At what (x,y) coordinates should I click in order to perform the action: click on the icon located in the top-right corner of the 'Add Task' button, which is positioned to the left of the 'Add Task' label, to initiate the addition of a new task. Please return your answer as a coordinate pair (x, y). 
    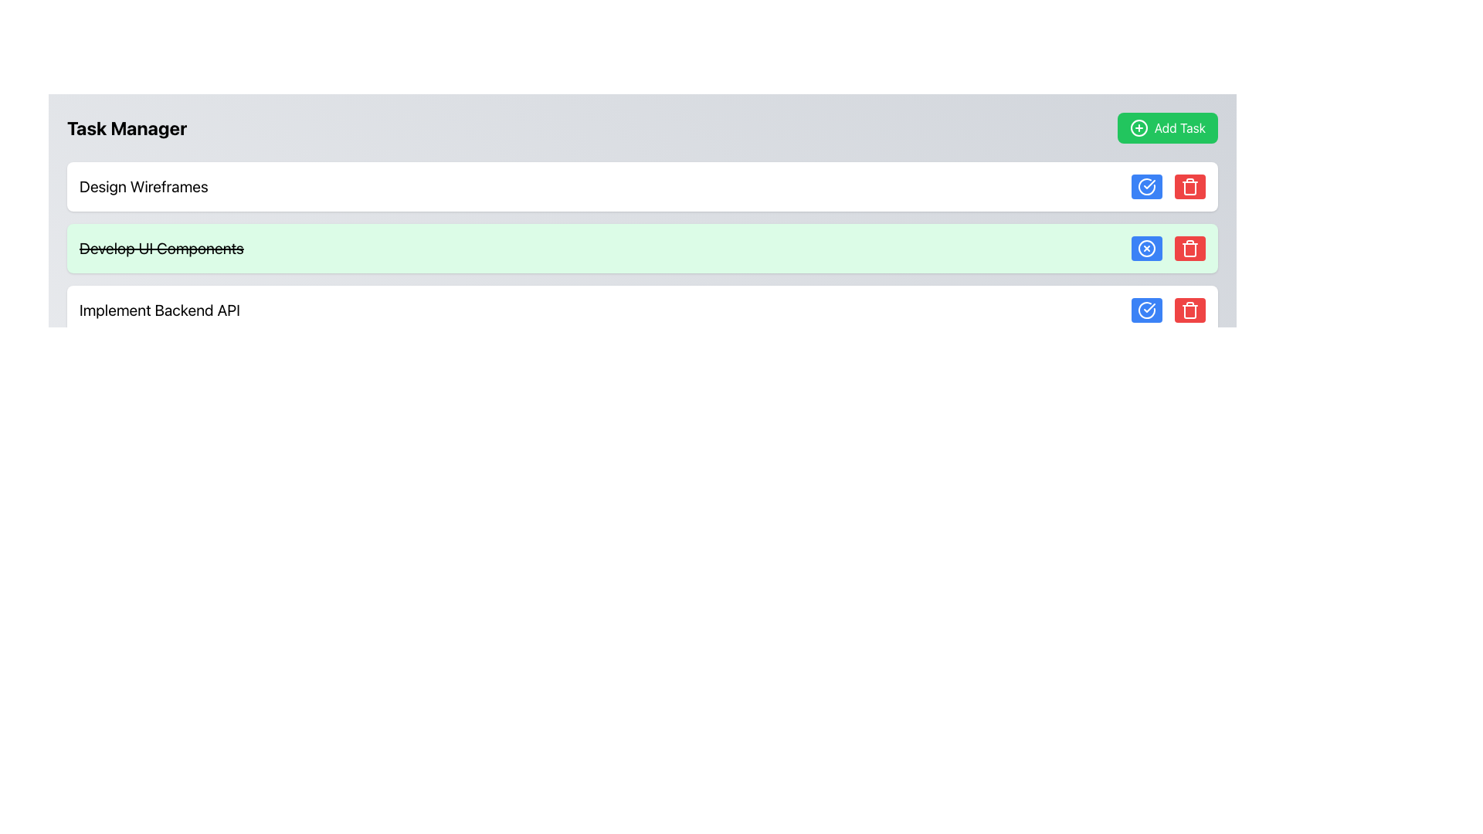
    Looking at the image, I should click on (1138, 127).